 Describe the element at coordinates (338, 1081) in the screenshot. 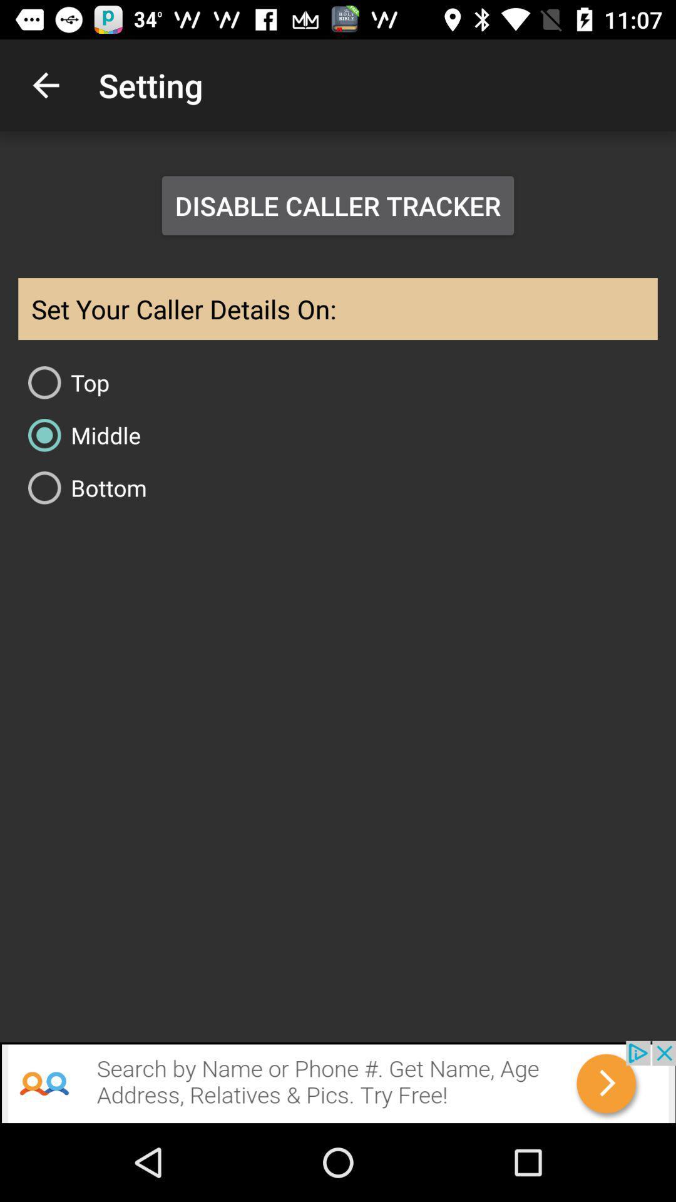

I see `advertisement option` at that location.